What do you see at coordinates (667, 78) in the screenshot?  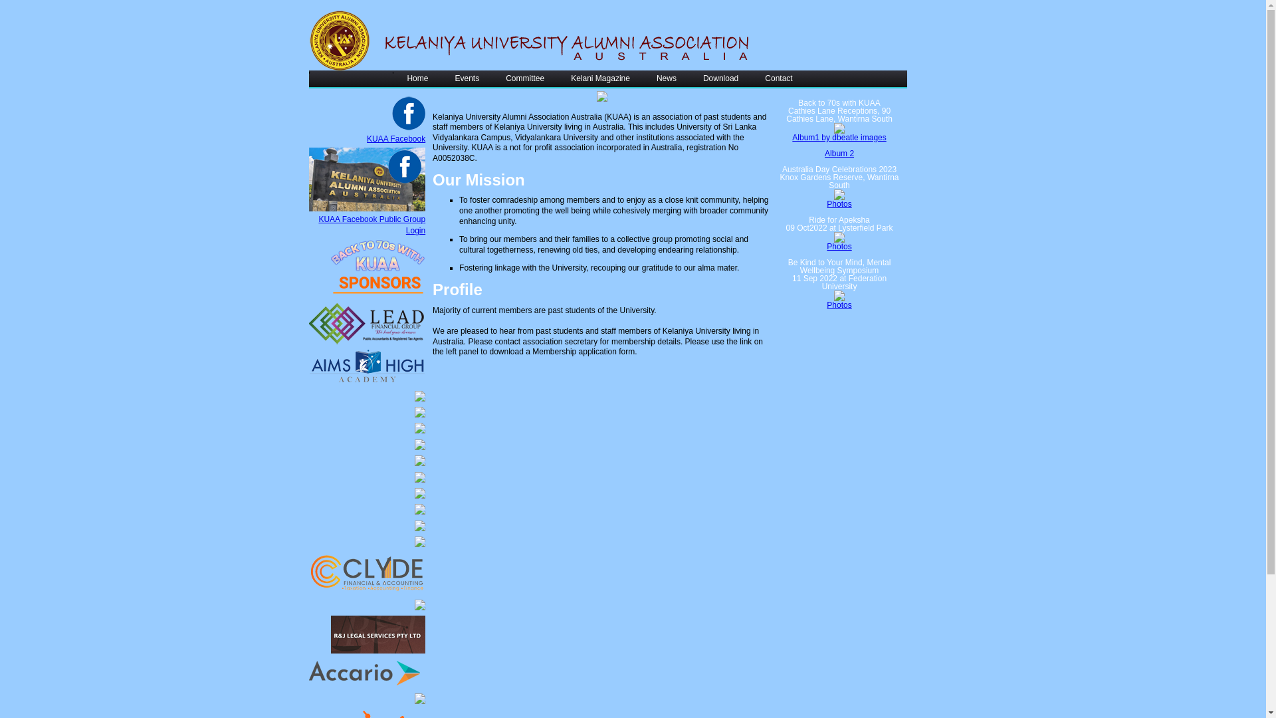 I see `'News'` at bounding box center [667, 78].